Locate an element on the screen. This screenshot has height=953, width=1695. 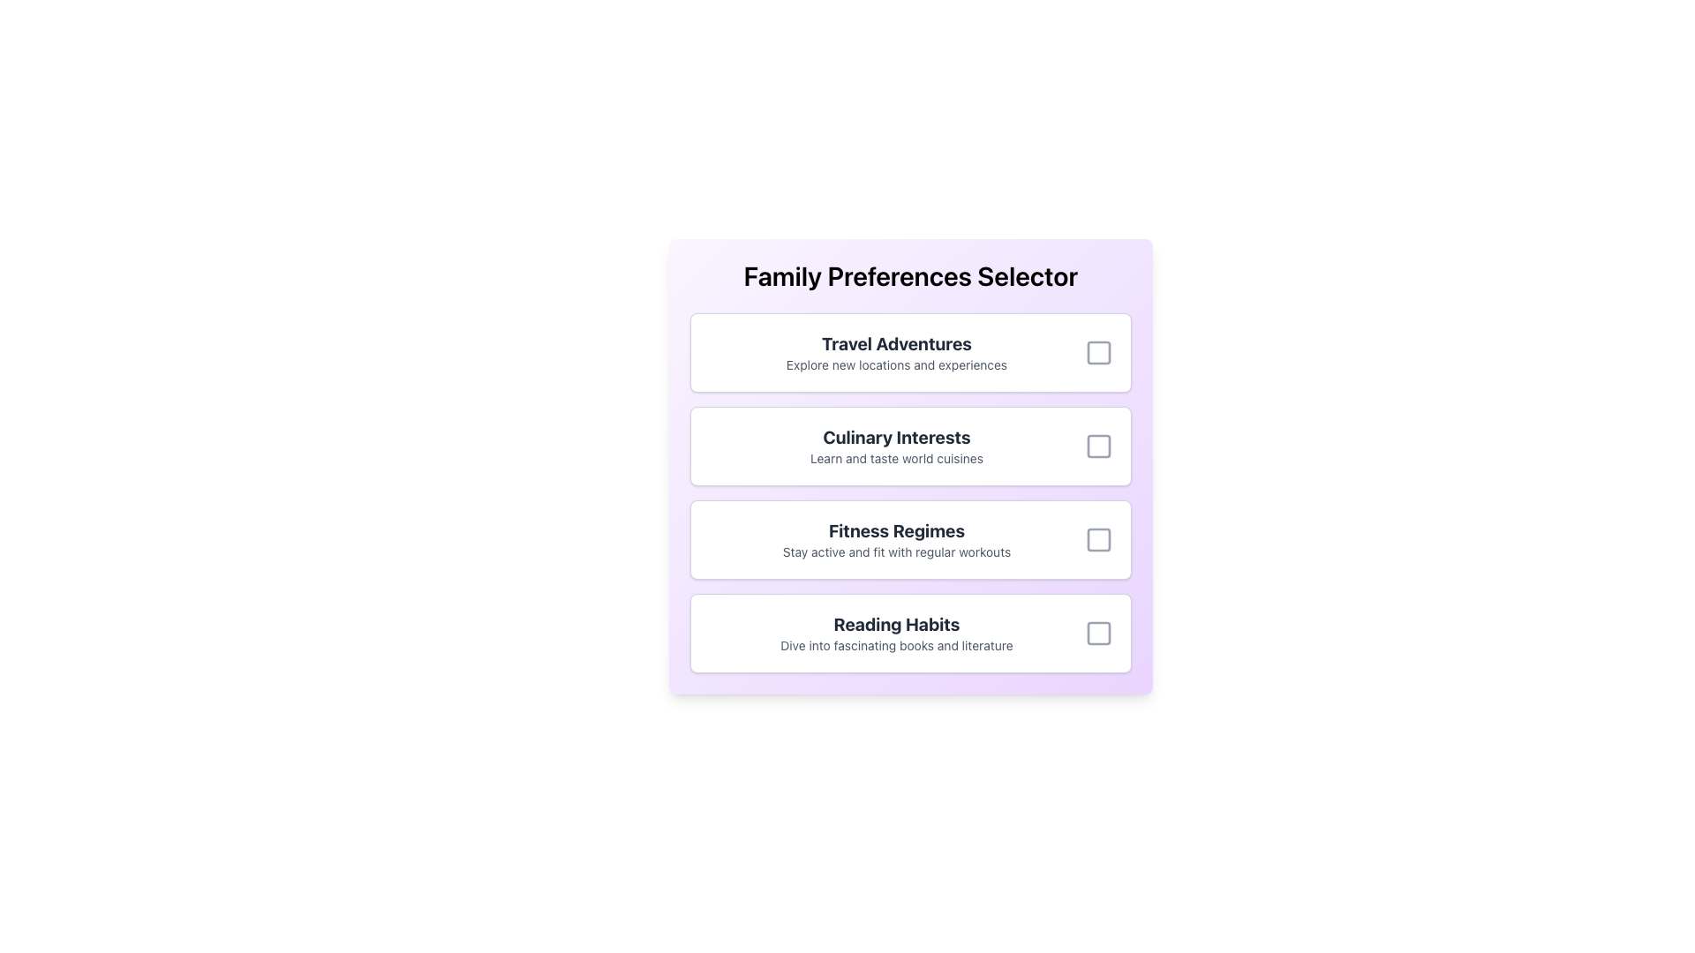
the 'Reading Habits' selectable card option, which is the fourth option in the list with a white background and bold title is located at coordinates (911, 632).